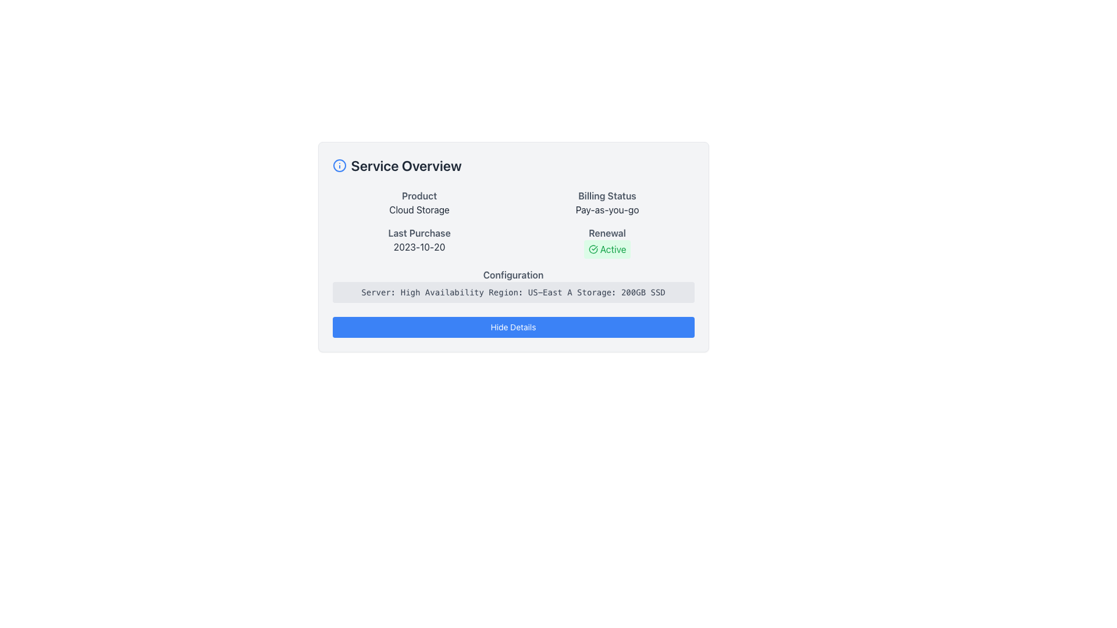 This screenshot has width=1117, height=628. I want to click on the information/help icon located to the left of the 'Service Overview' text in the top-left quadrant of the content card, so click(339, 166).